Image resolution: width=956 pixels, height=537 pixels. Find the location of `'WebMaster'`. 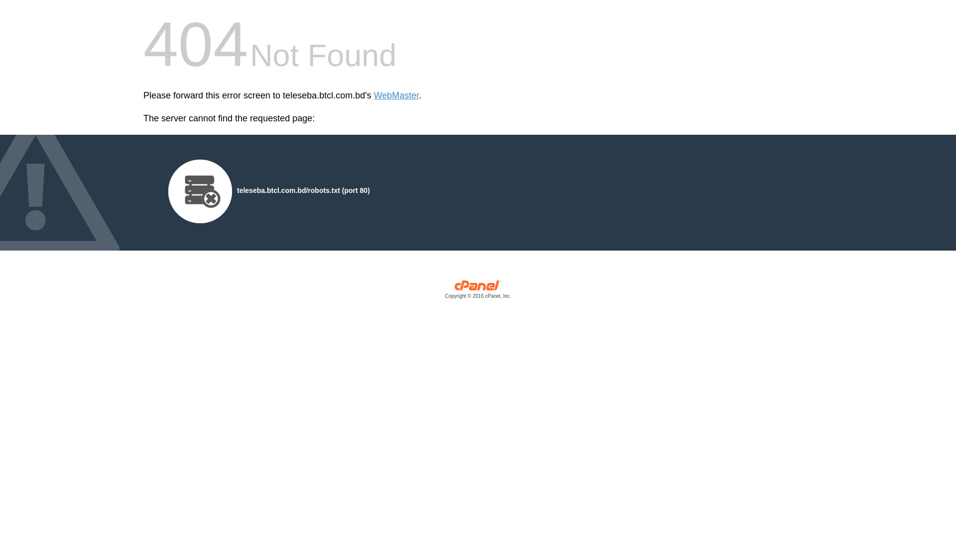

'WebMaster' is located at coordinates (396, 95).